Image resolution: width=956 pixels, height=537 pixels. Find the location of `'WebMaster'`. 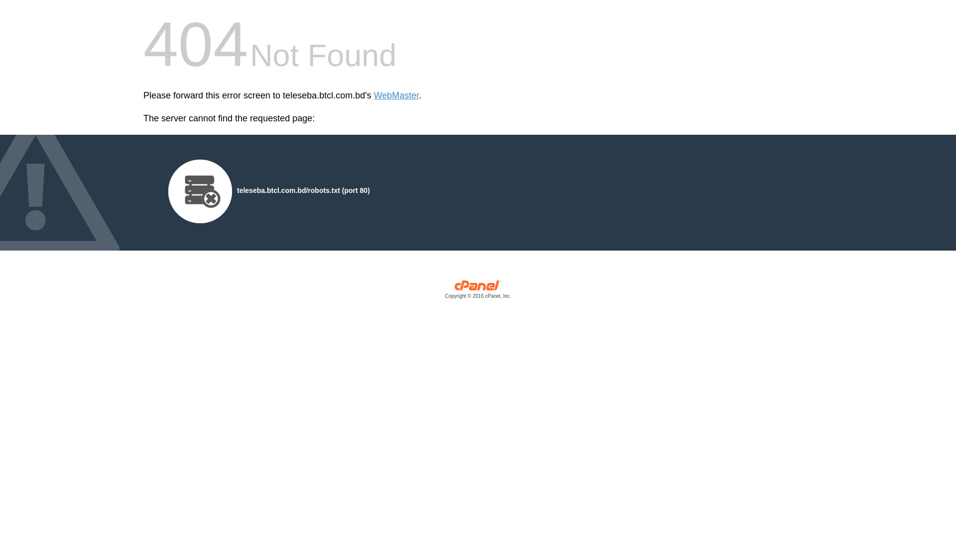

'WebMaster' is located at coordinates (396, 95).